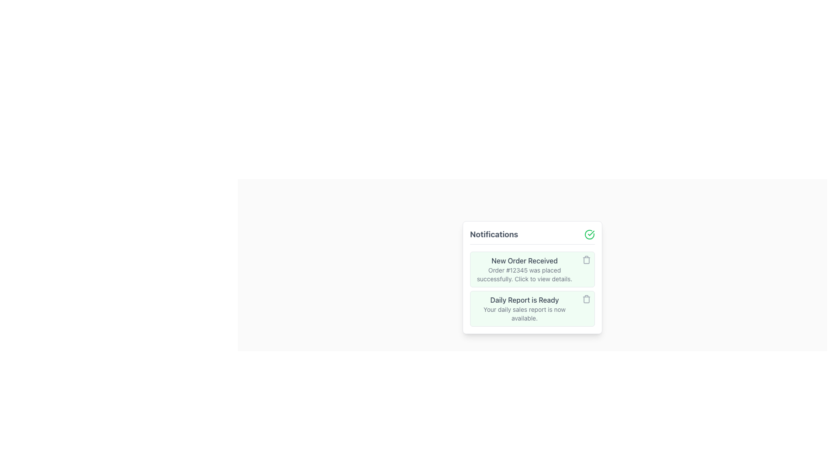  I want to click on the supplementary information text related to the 'Daily Report is Ready' notification, which is positioned directly below the main notification text, so click(524, 314).